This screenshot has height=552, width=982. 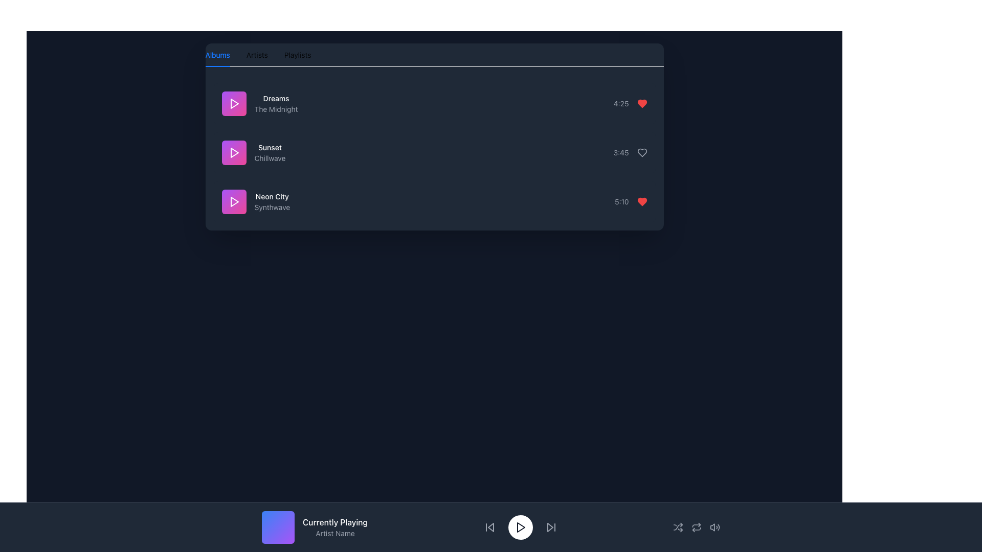 I want to click on the icon button located to the right of the '5:10' time label in the bottom row of the song list, so click(x=641, y=201).